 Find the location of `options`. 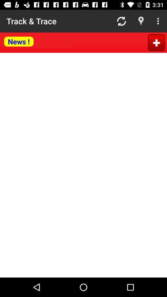

options is located at coordinates (156, 42).